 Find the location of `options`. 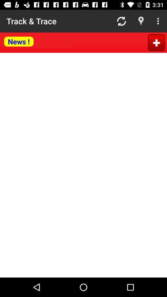

options is located at coordinates (156, 42).